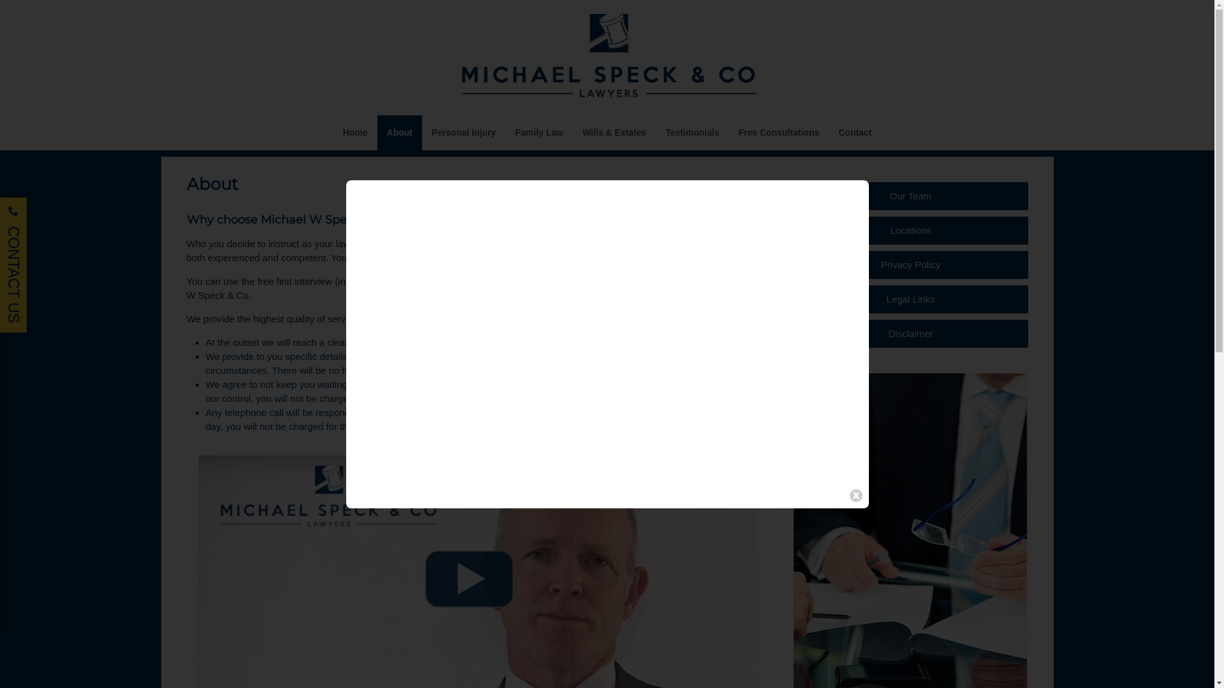  What do you see at coordinates (910, 231) in the screenshot?
I see `'Locations'` at bounding box center [910, 231].